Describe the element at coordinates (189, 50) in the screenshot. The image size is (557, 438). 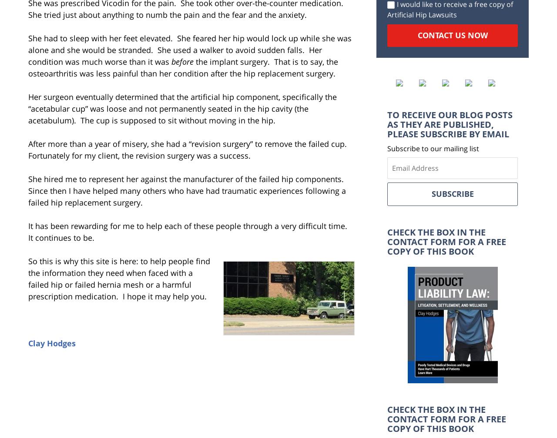
I see `'She had to sleep with her feet elevated.  She feared her hip would lock up while she was alone and she would be stranded.  She used a walker to avoid sudden falls.  Her condition was much worse than it was'` at that location.